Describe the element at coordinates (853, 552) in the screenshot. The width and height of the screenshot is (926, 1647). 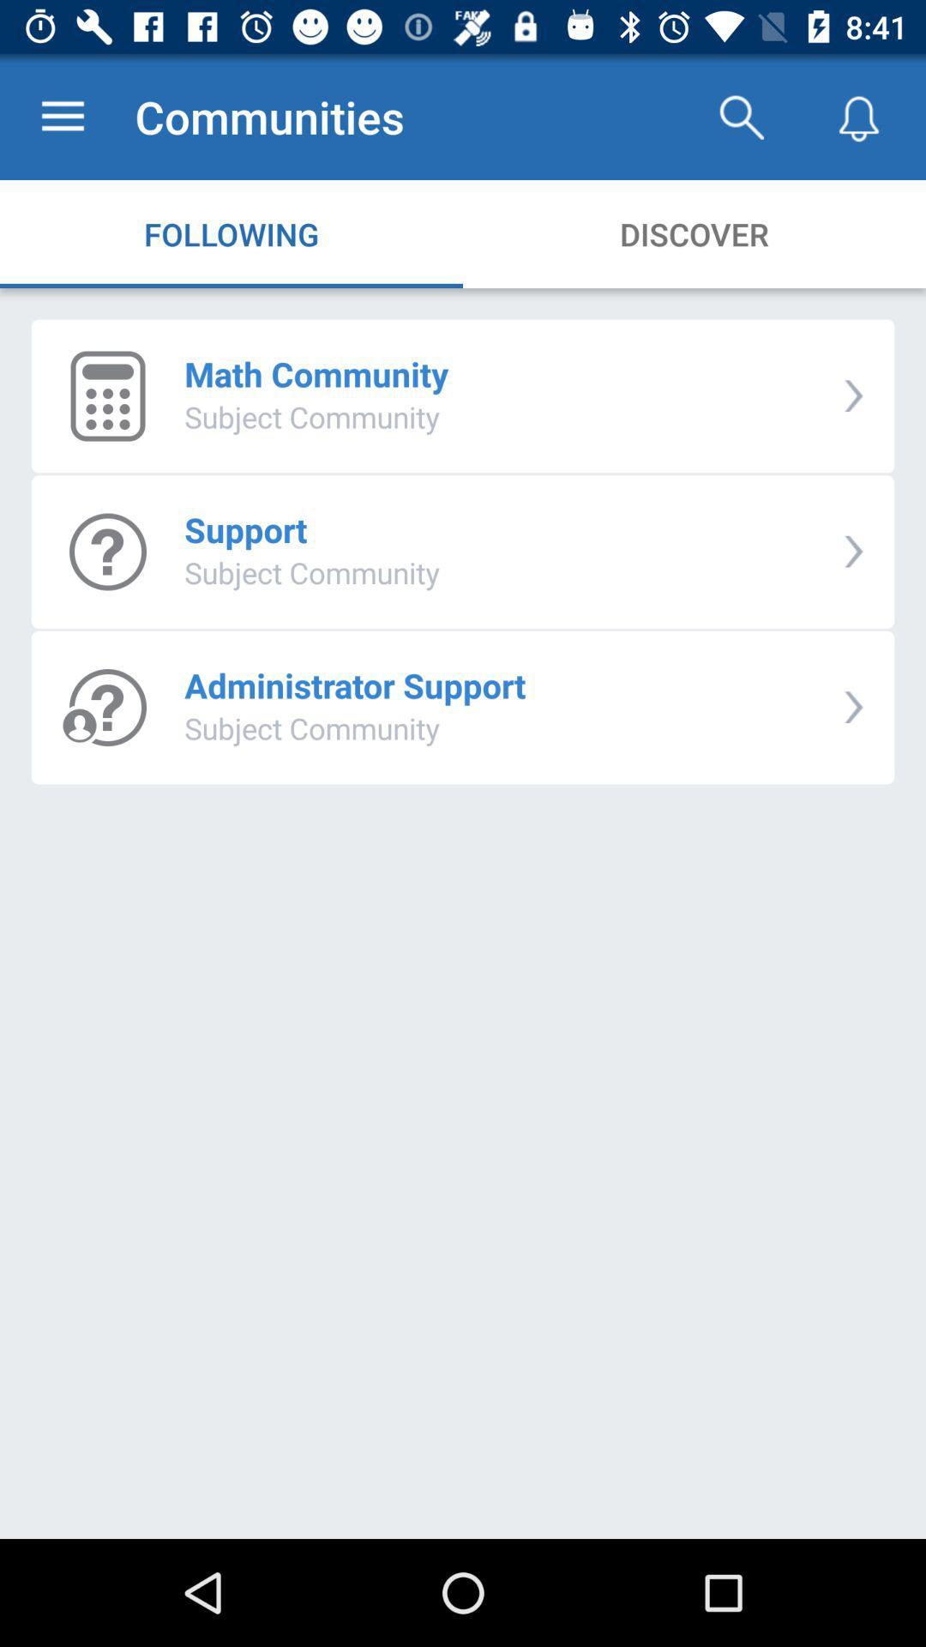
I see `the item next to the subject community icon` at that location.